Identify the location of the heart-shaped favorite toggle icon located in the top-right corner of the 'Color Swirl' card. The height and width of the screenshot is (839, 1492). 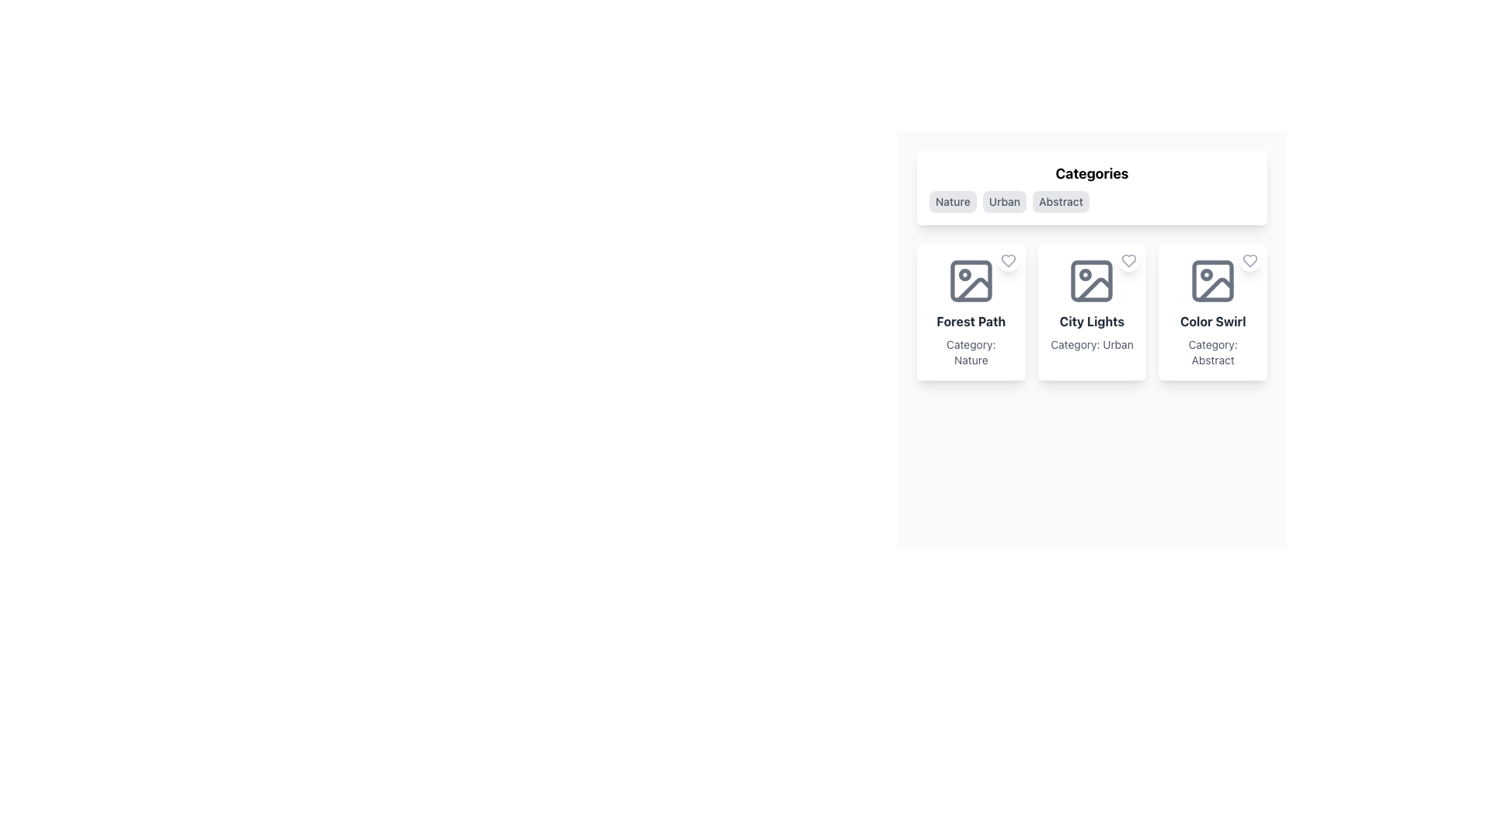
(1250, 259).